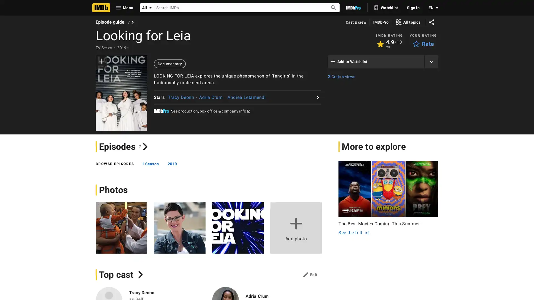 The height and width of the screenshot is (300, 534). What do you see at coordinates (431, 22) in the screenshot?
I see `Share on social media` at bounding box center [431, 22].